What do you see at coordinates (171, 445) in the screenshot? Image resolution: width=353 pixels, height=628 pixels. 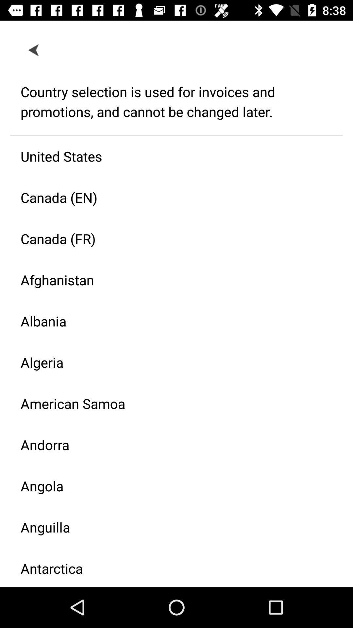 I see `the andorra icon` at bounding box center [171, 445].